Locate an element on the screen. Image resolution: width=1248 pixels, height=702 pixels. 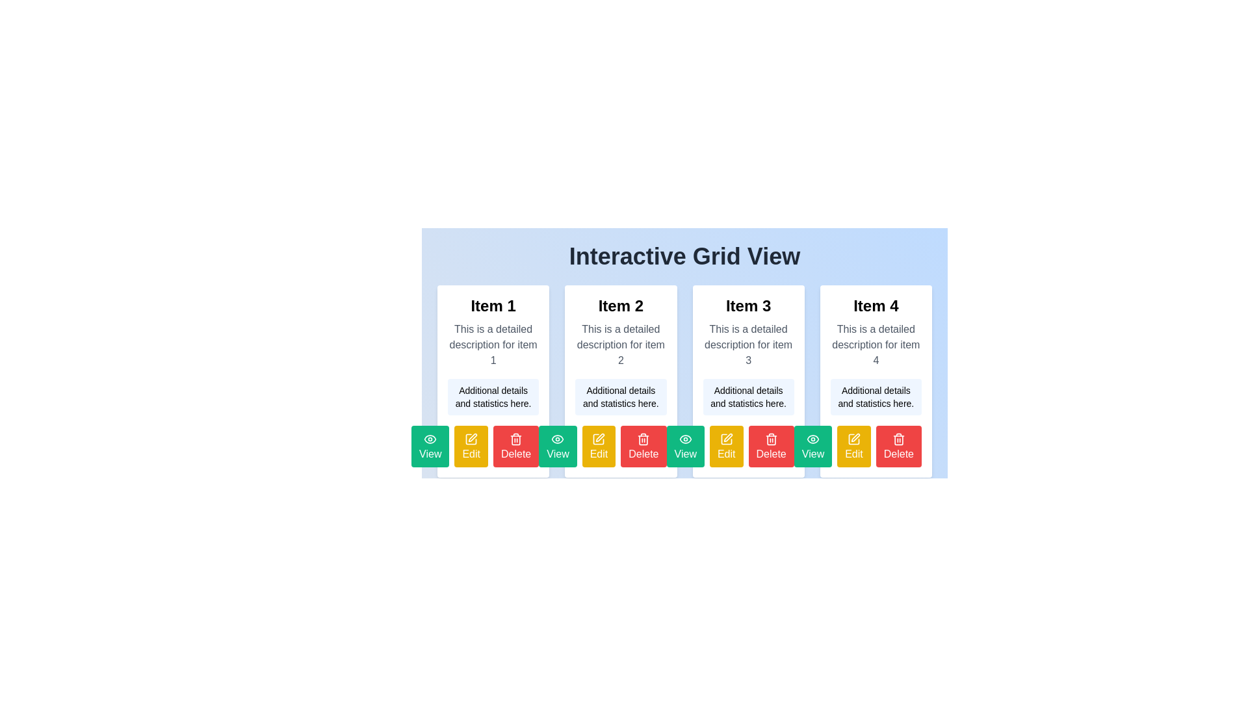
the informational text block that reads 'Additional details and statistics here', which is located in the third card titled 'Item 3' and is centered within the card is located at coordinates (748, 396).